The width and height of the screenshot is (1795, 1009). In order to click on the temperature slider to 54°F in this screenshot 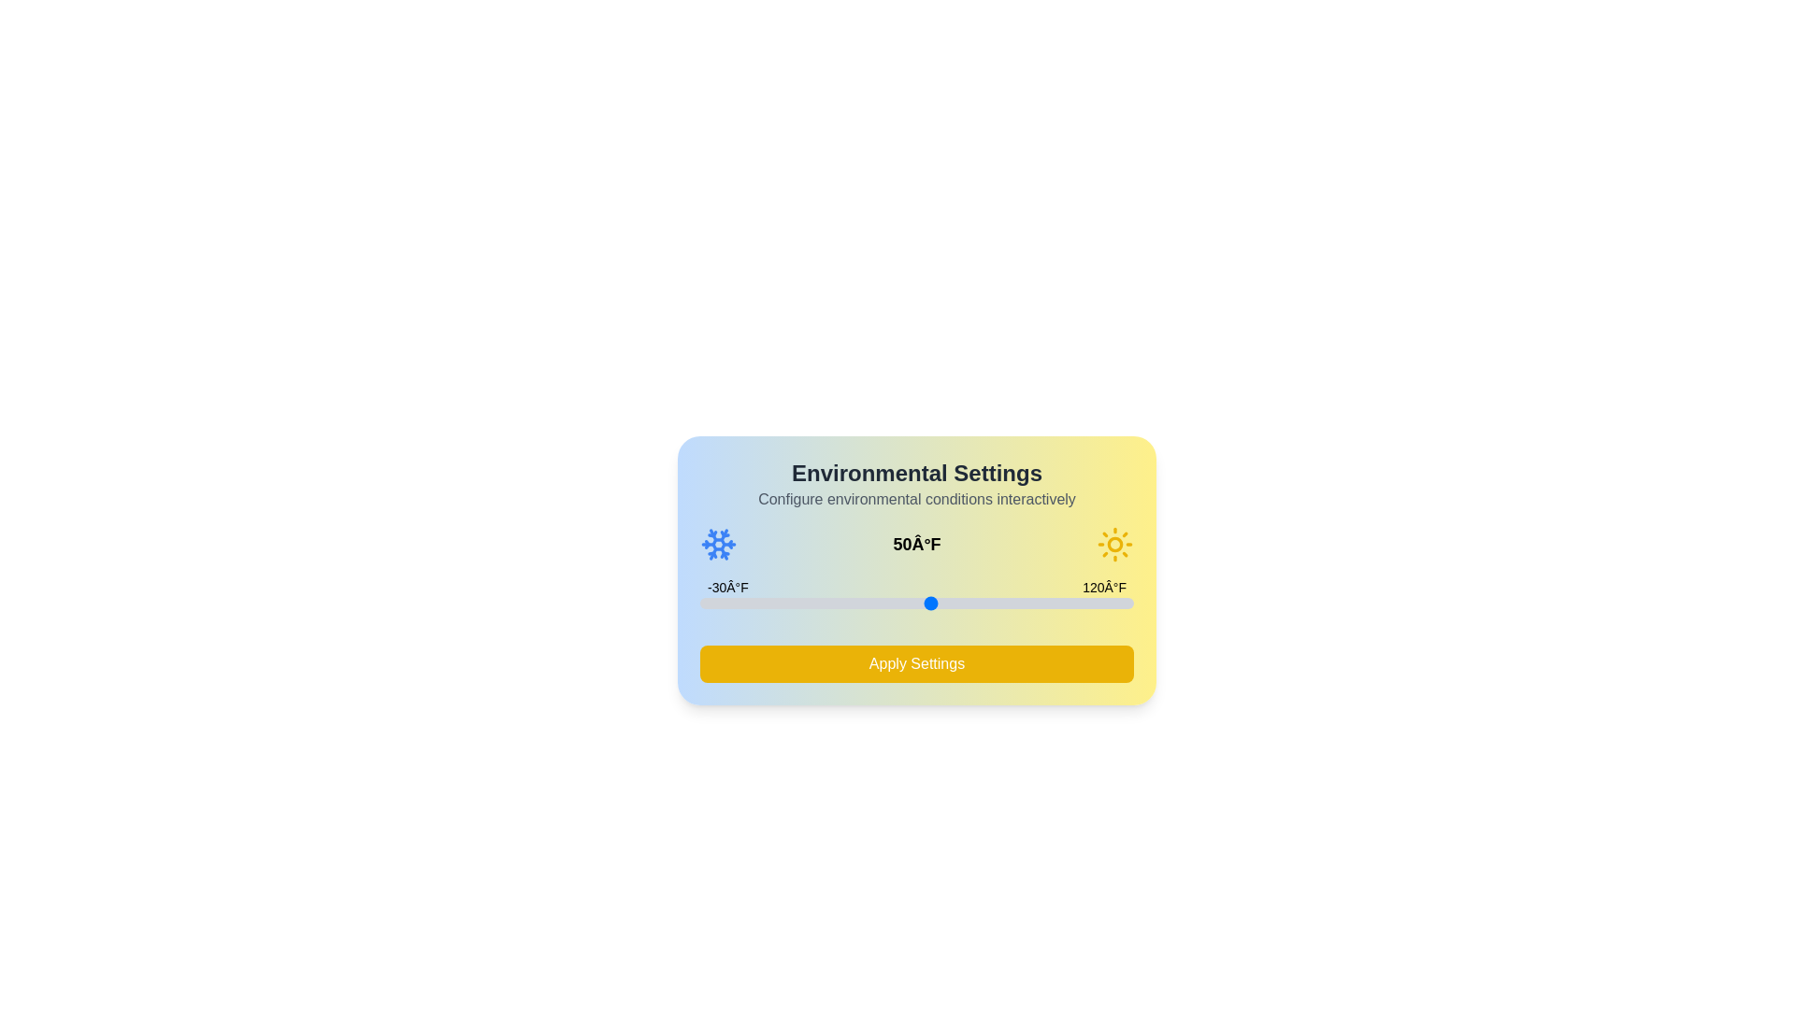, I will do `click(942, 603)`.